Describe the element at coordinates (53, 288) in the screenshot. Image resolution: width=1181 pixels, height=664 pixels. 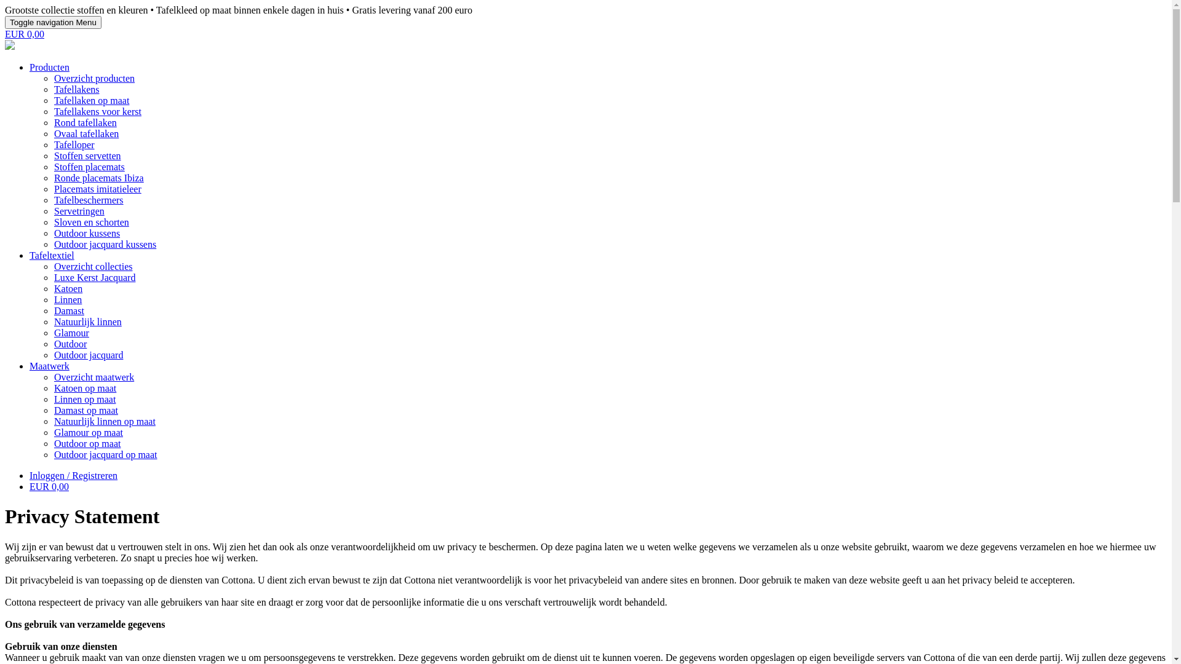
I see `'Katoen'` at that location.